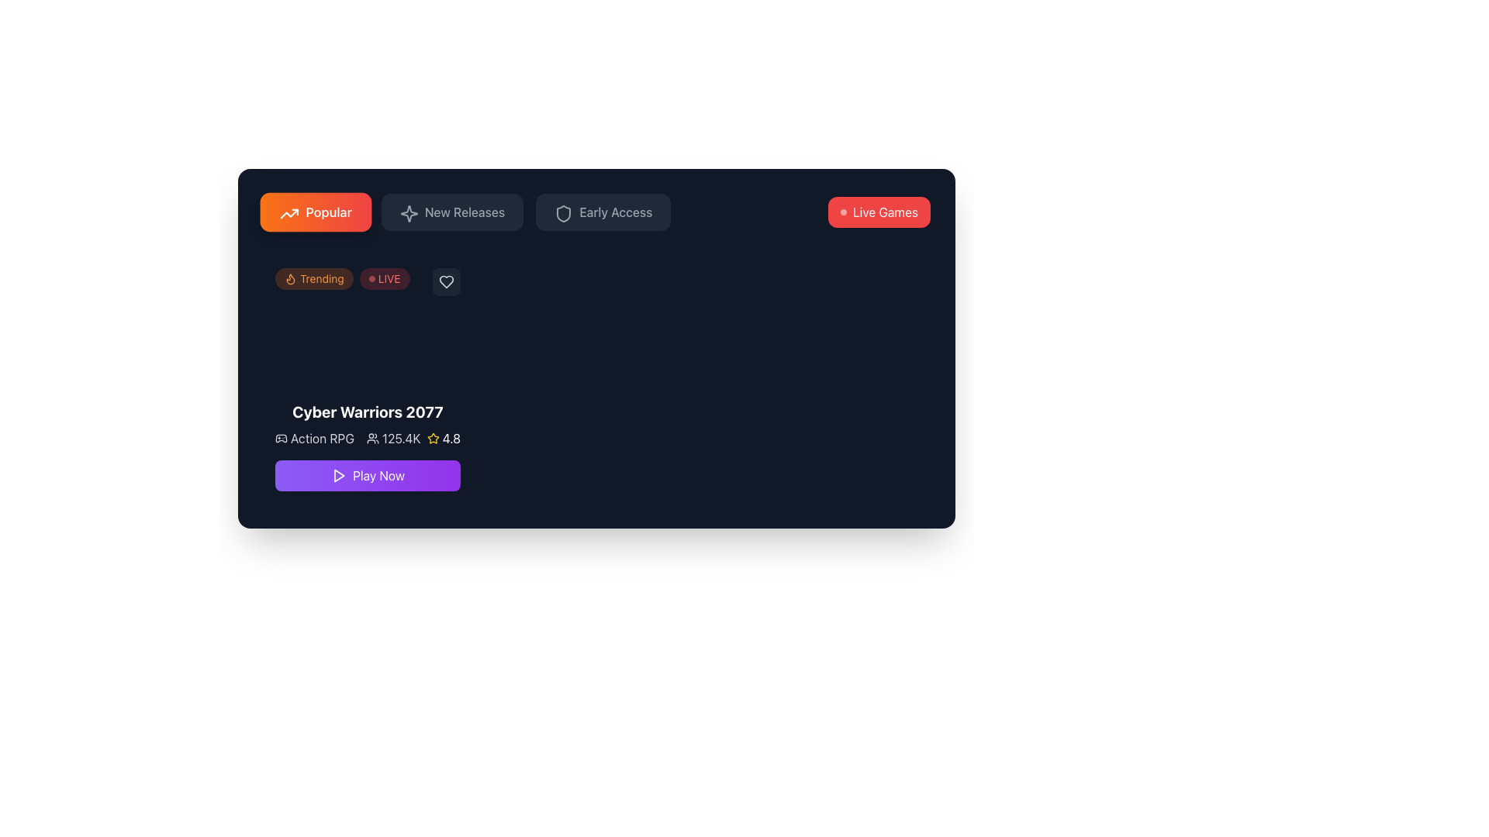 The width and height of the screenshot is (1489, 837). I want to click on the purple gradient button labeled 'Play Now', so click(378, 474).